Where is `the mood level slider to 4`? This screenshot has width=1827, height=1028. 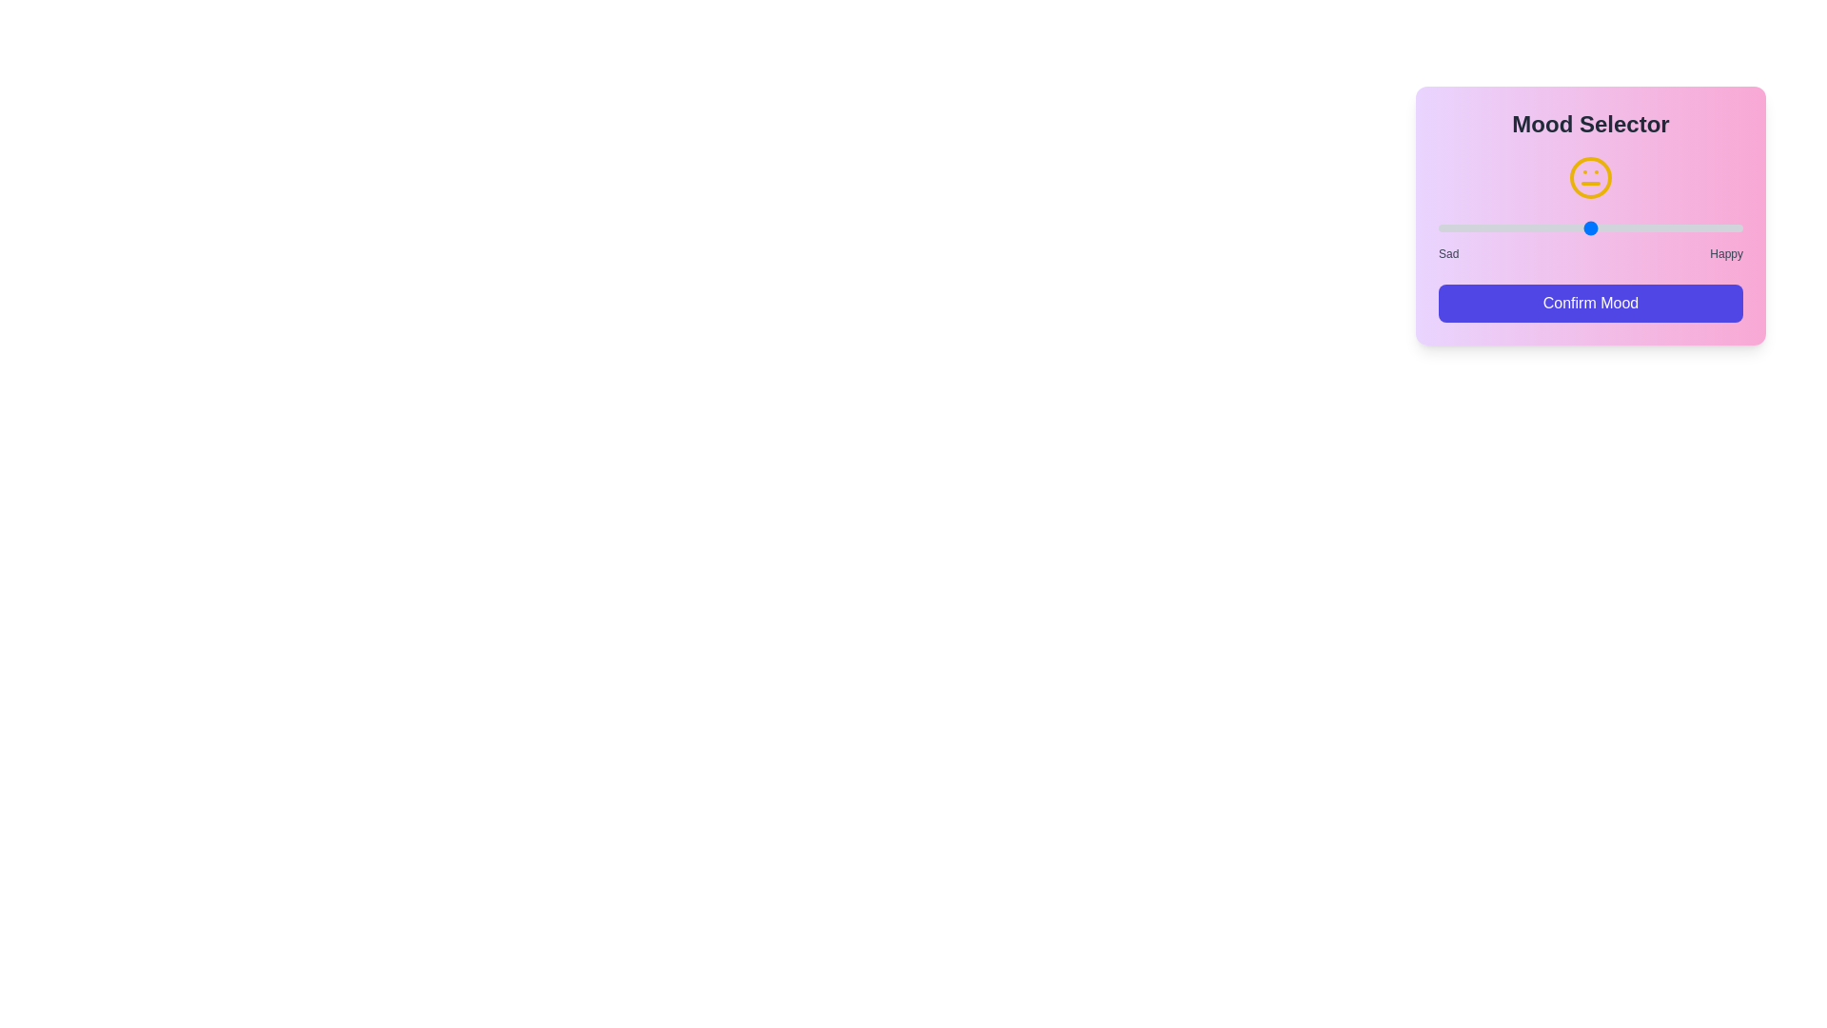 the mood level slider to 4 is located at coordinates (1666, 227).